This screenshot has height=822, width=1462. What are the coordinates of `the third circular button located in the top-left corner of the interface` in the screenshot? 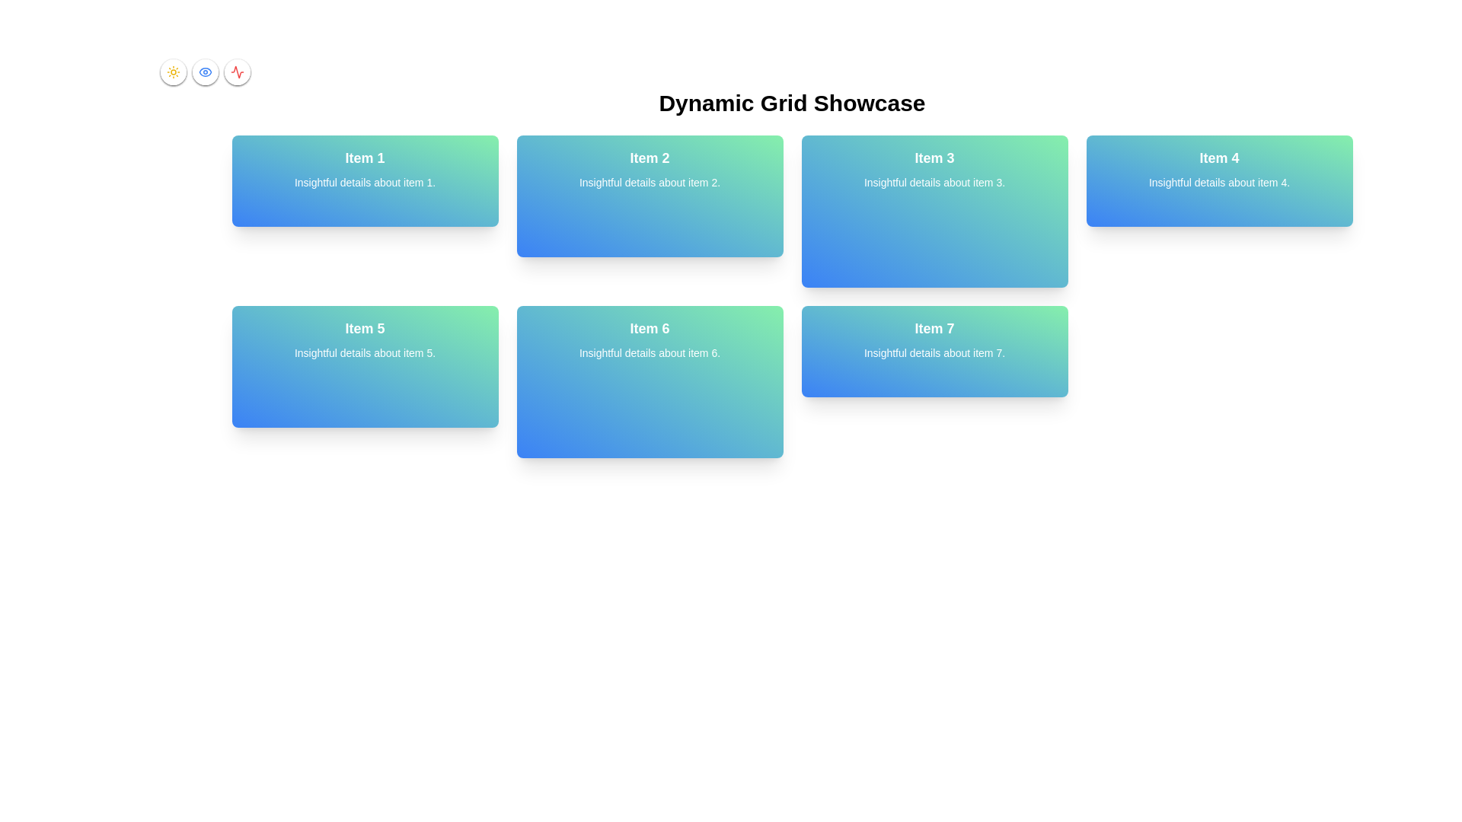 It's located at (237, 72).